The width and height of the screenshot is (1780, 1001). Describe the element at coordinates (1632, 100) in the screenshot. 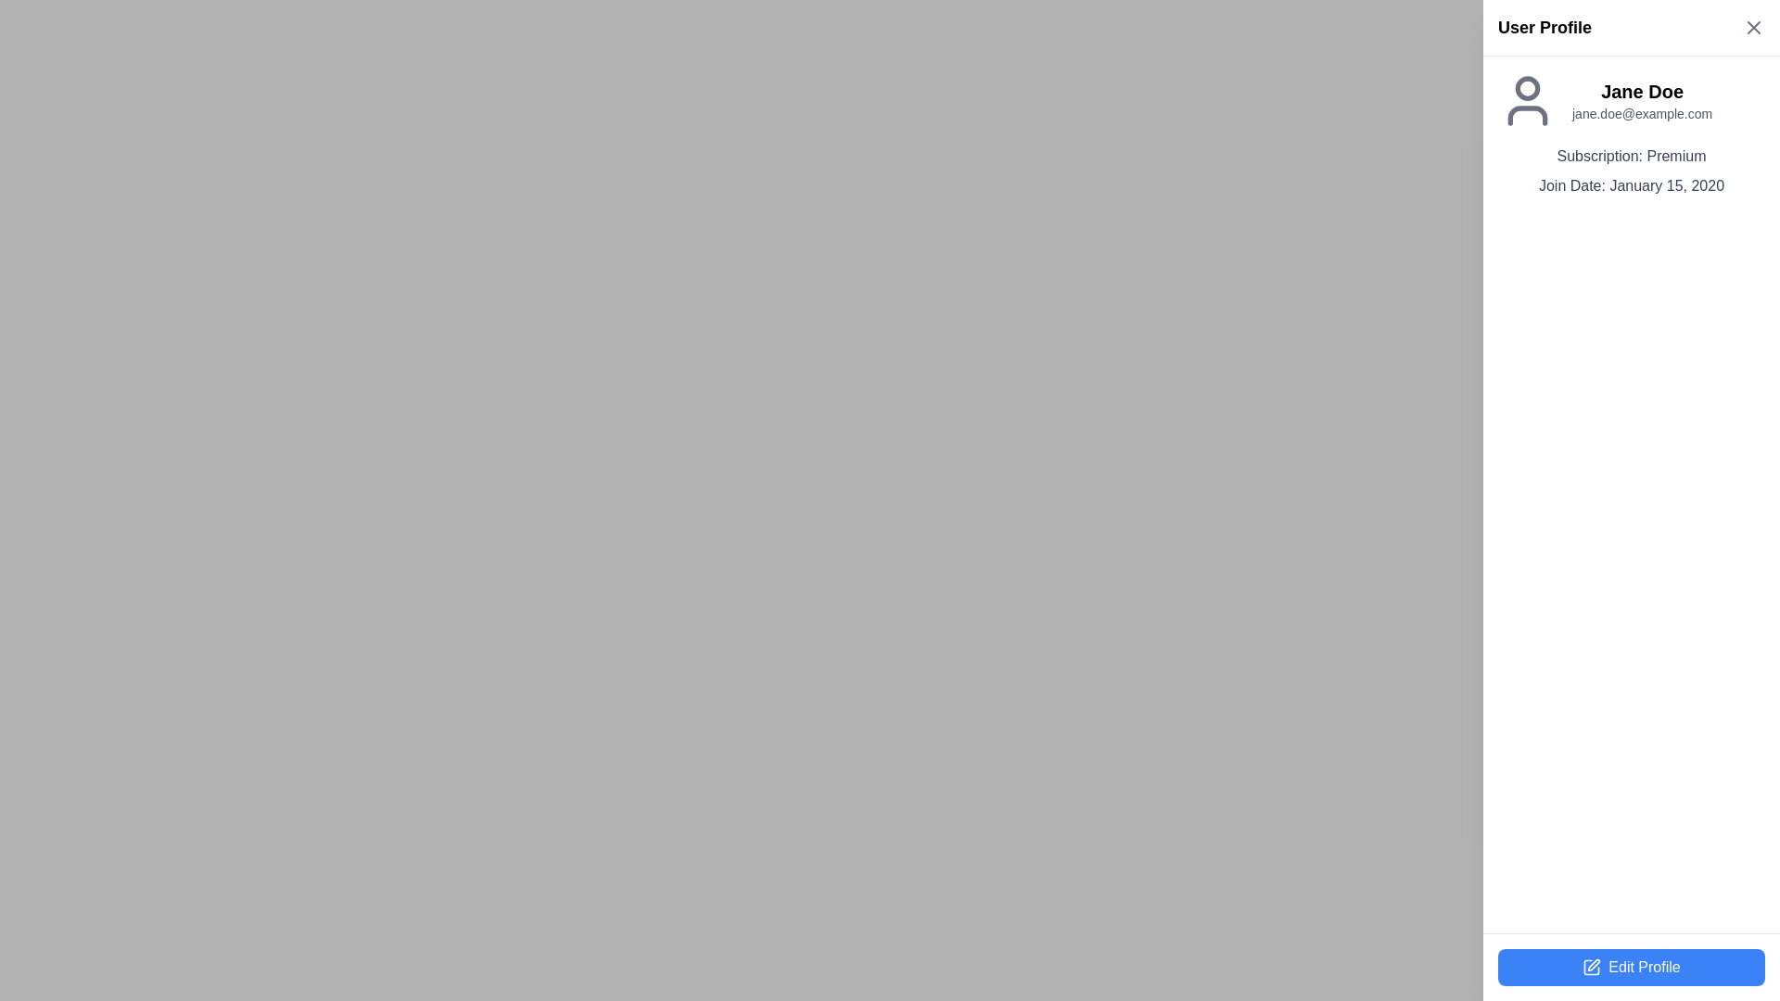

I see `the information in the list item displaying the user's name and email address, located beneath the 'User Profile' title in the top-right corner of the user profile view` at that location.